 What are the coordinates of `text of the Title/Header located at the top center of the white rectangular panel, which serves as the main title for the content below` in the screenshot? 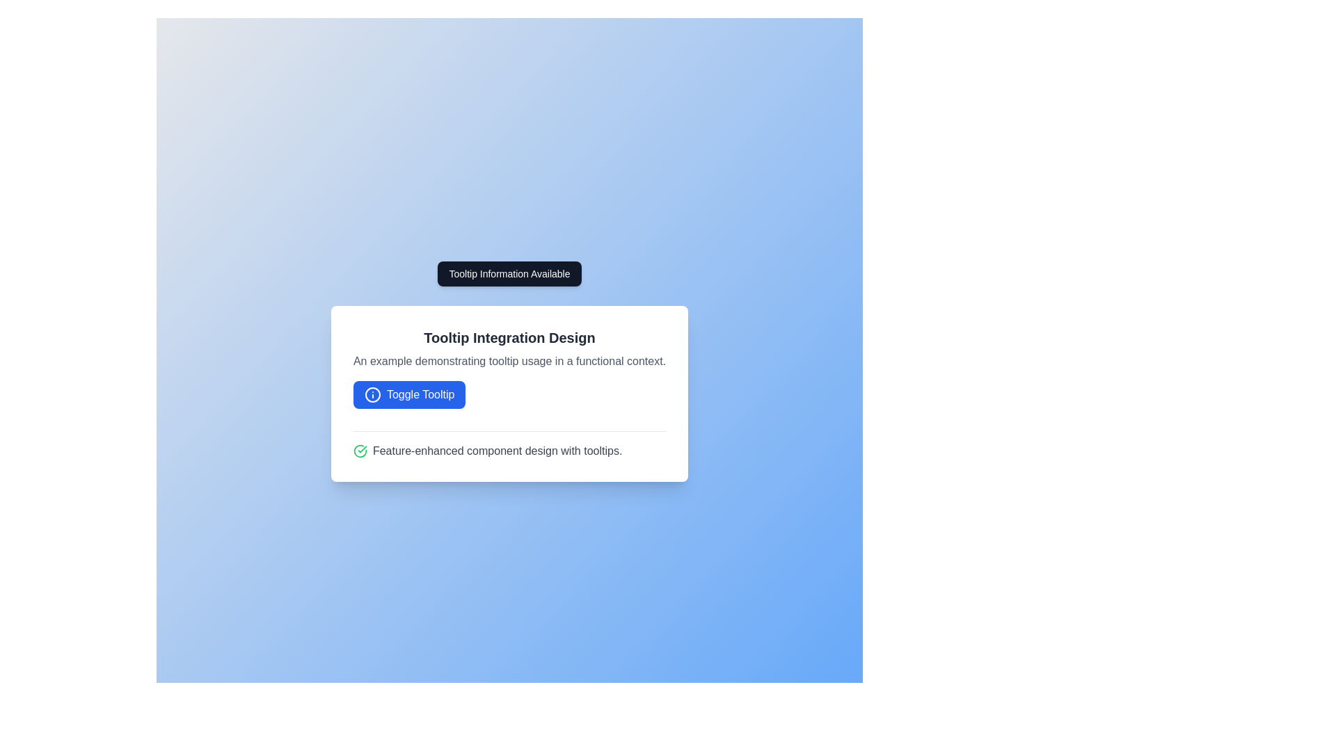 It's located at (509, 337).